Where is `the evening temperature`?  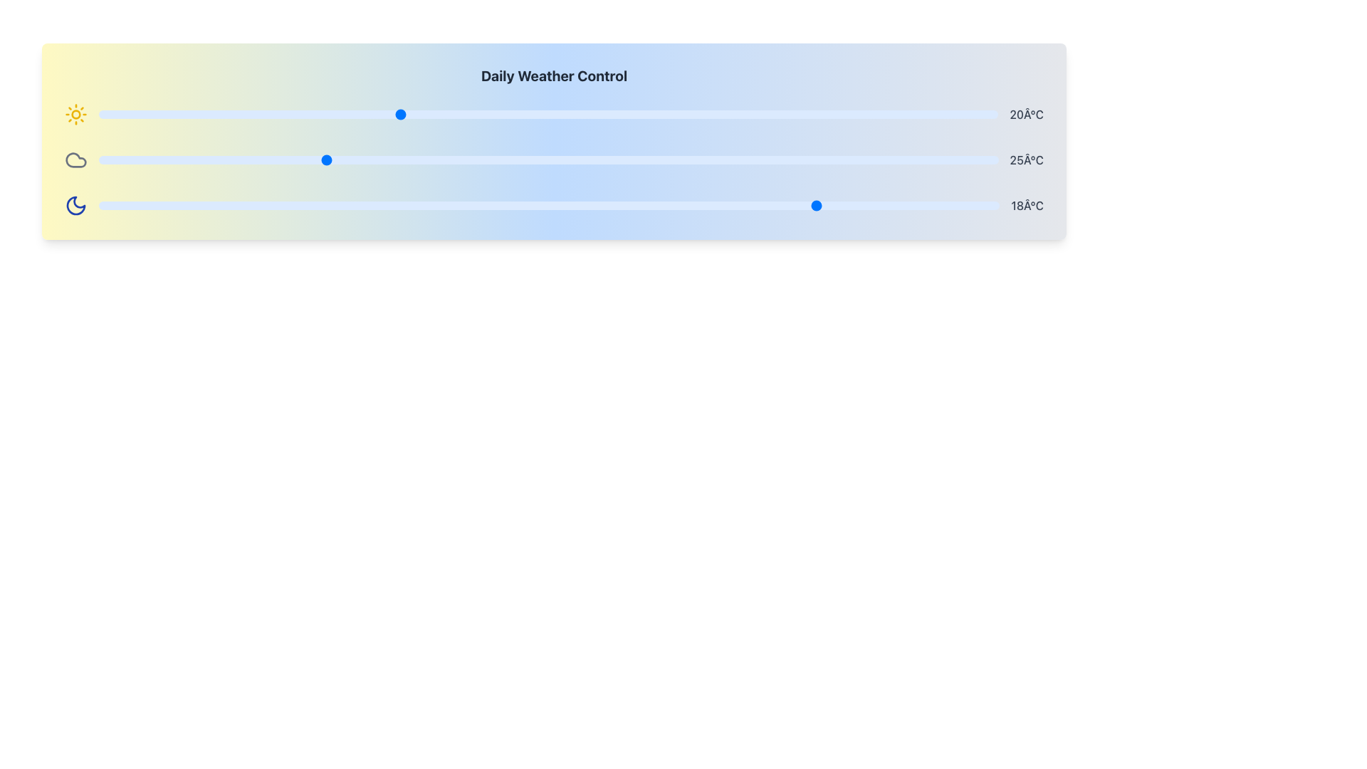
the evening temperature is located at coordinates (279, 206).